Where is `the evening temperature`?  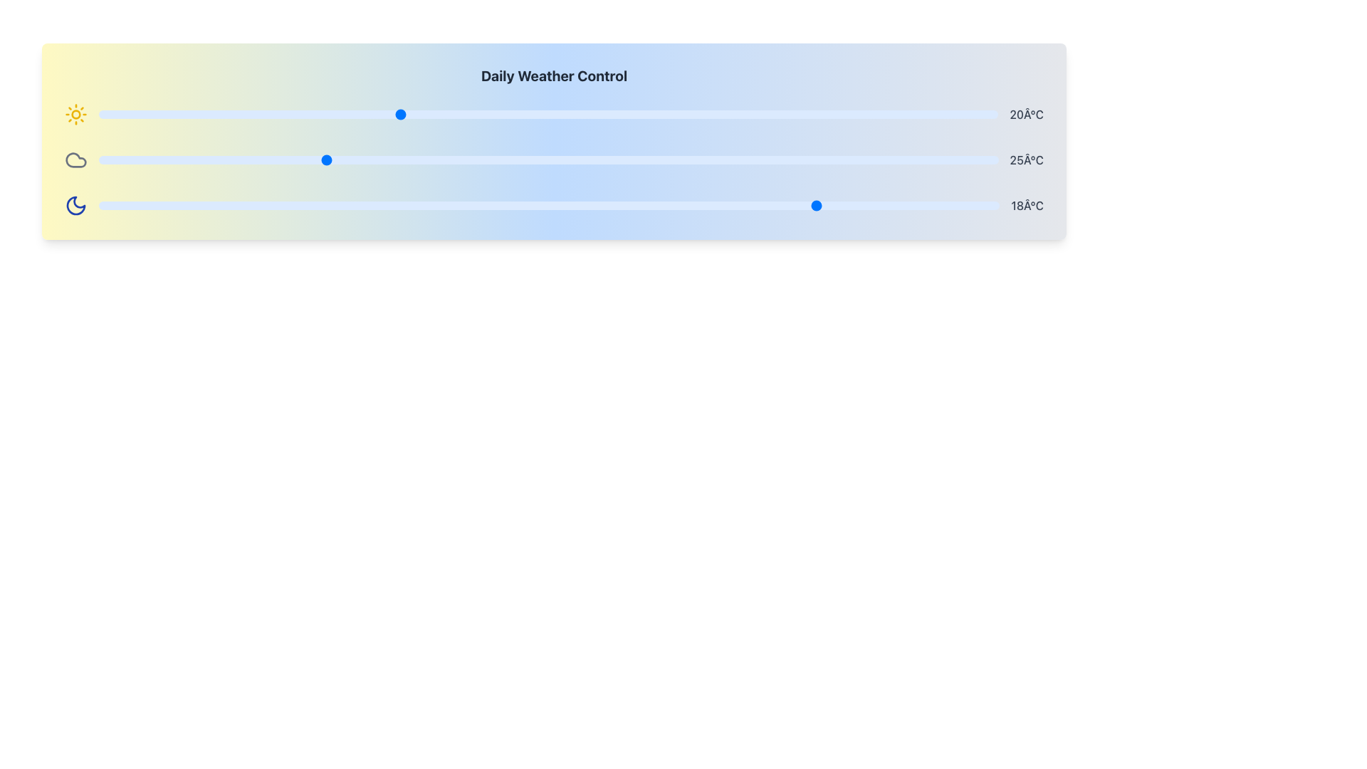
the evening temperature is located at coordinates (279, 206).